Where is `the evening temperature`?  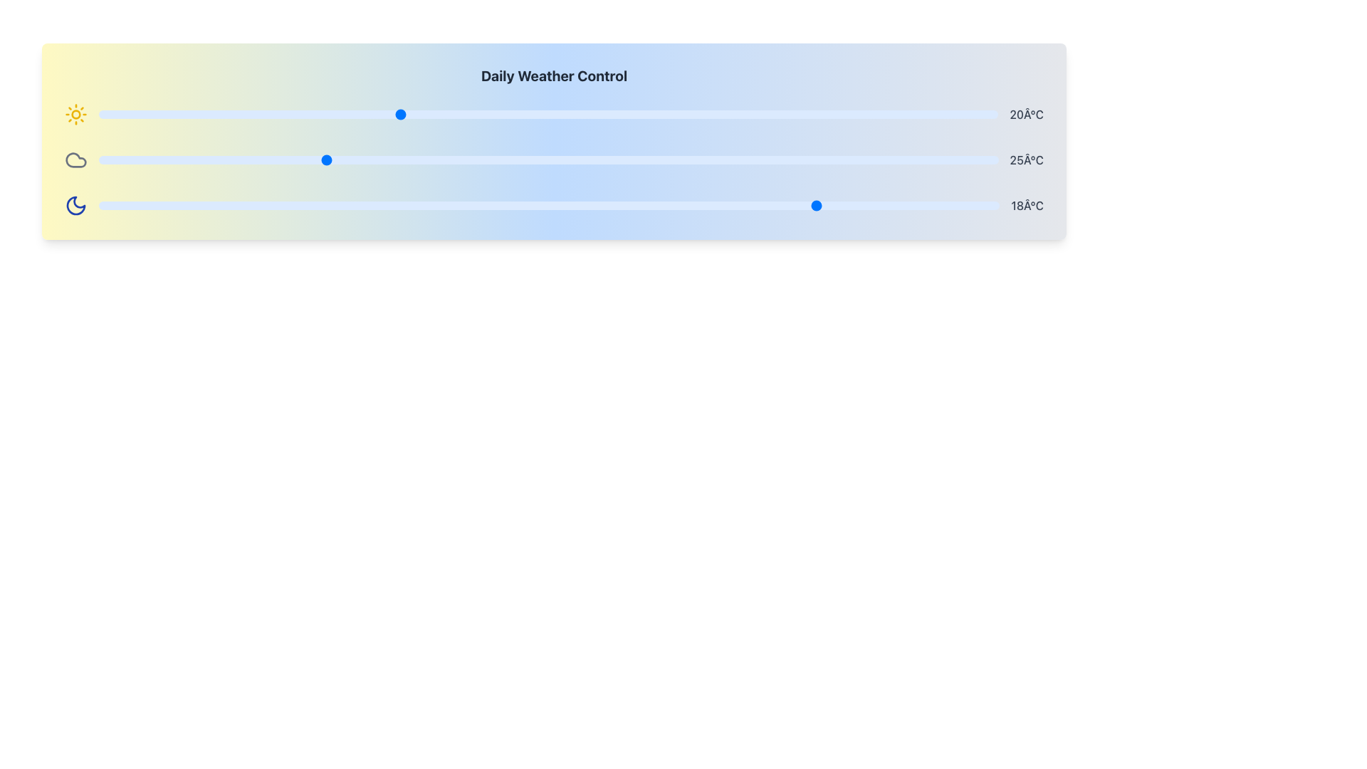
the evening temperature is located at coordinates (279, 206).